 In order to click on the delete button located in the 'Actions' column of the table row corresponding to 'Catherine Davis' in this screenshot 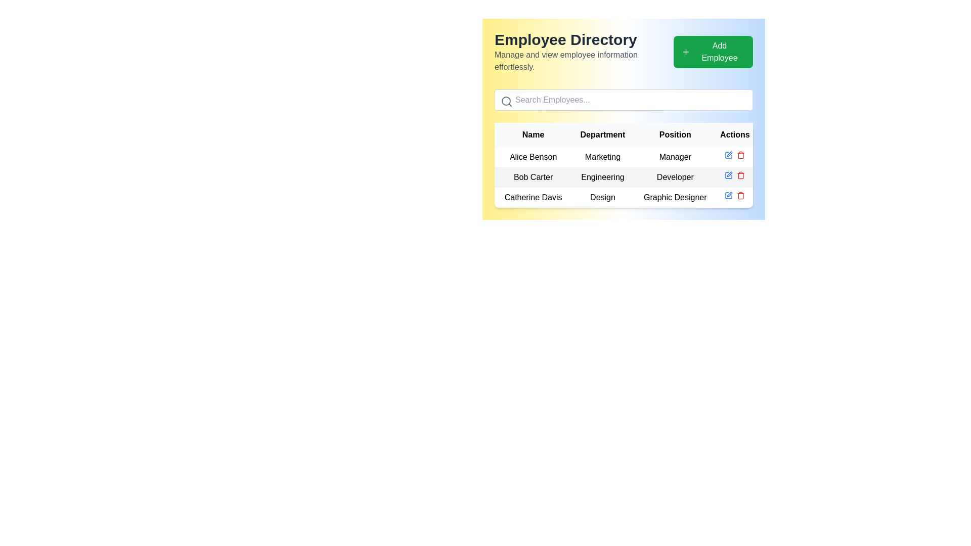, I will do `click(741, 195)`.